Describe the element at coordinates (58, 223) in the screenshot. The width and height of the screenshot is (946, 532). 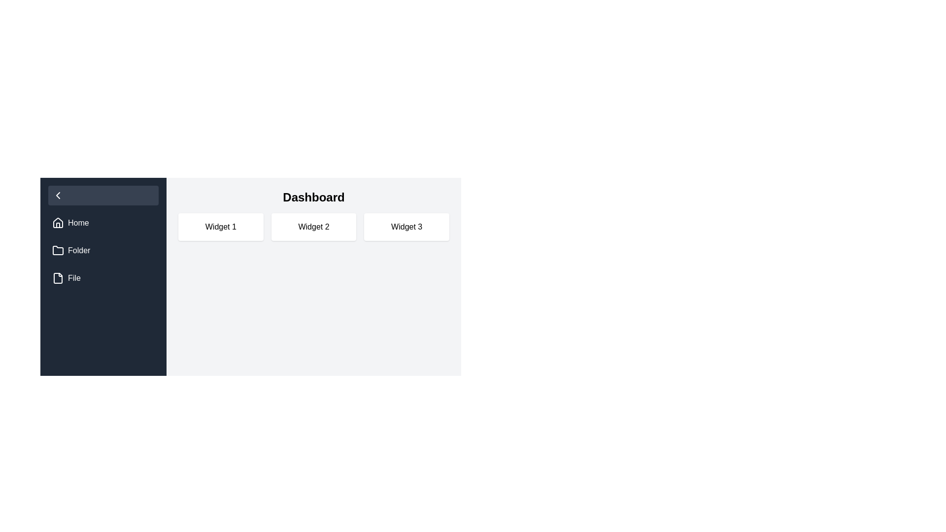
I see `the house-shaped icon located in the vertical navigation bar on the left side of the interface, which is positioned next to the 'Home' text` at that location.